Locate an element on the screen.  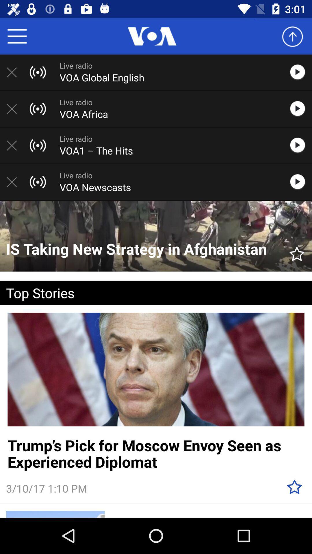
the play icon is located at coordinates (300, 109).